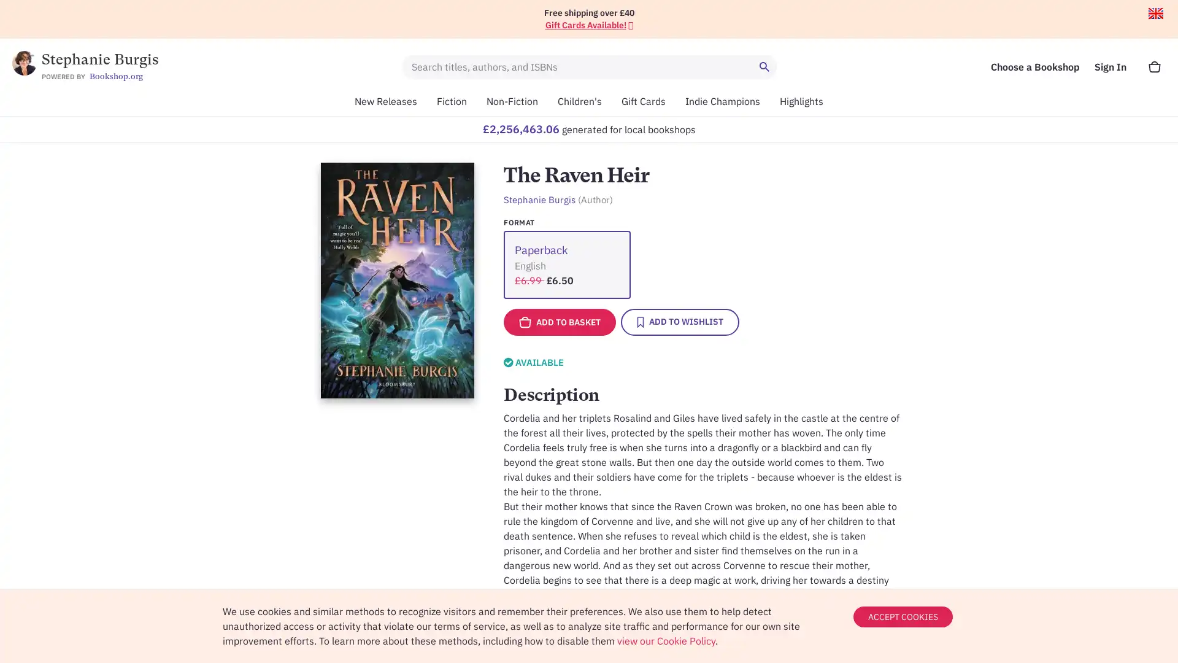 The width and height of the screenshot is (1178, 663). Describe the element at coordinates (765, 66) in the screenshot. I see `Search` at that location.